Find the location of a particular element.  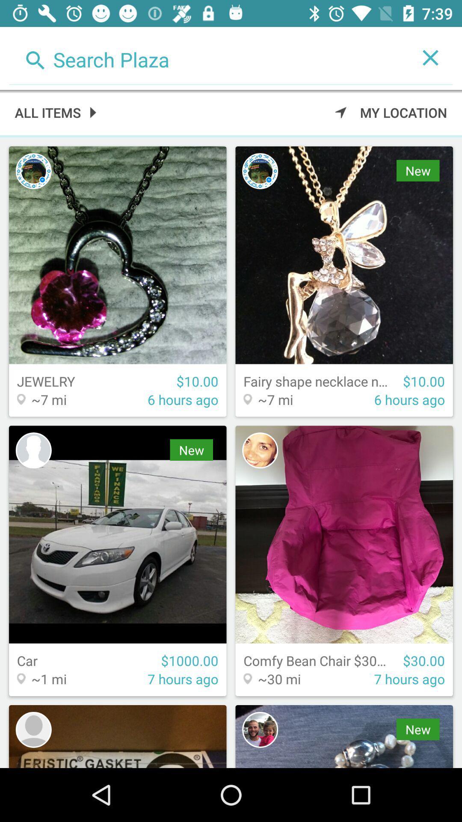

profile is located at coordinates (260, 450).